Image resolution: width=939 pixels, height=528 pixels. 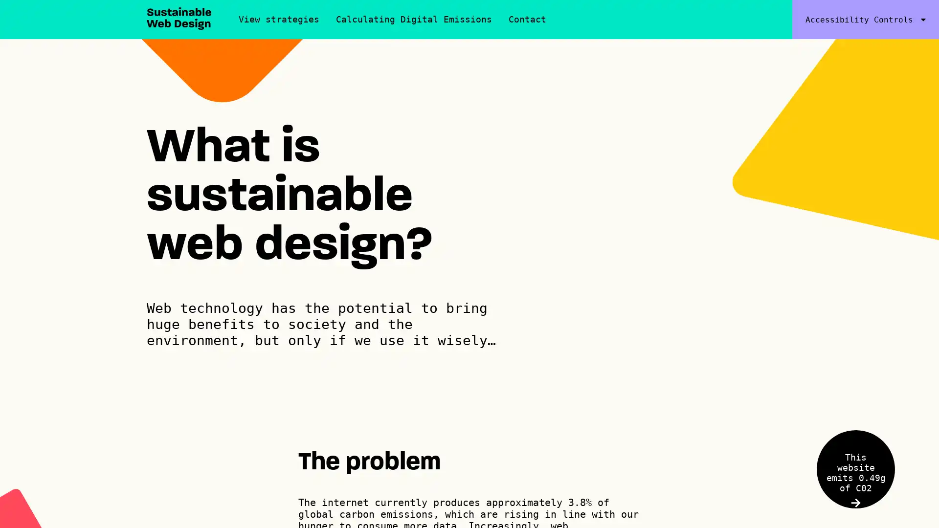 I want to click on X, so click(x=871, y=460).